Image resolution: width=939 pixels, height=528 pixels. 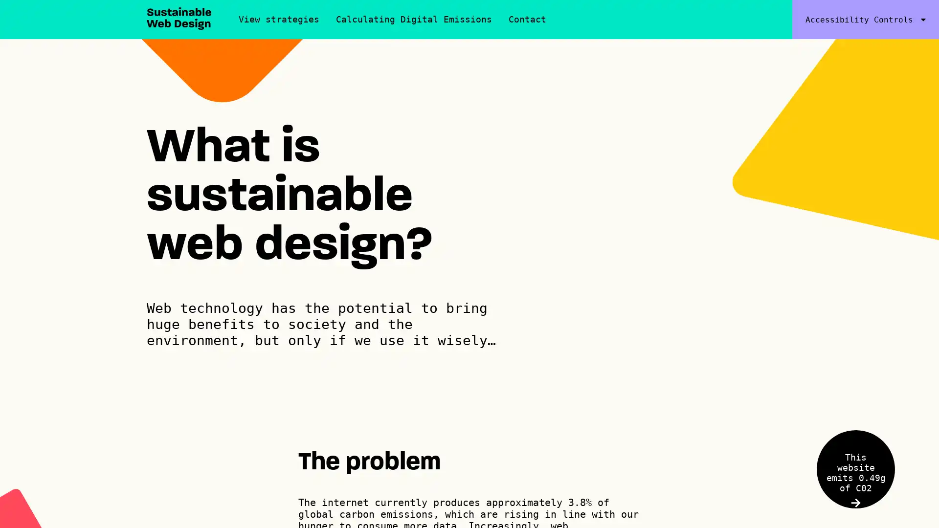 I want to click on X, so click(x=871, y=460).